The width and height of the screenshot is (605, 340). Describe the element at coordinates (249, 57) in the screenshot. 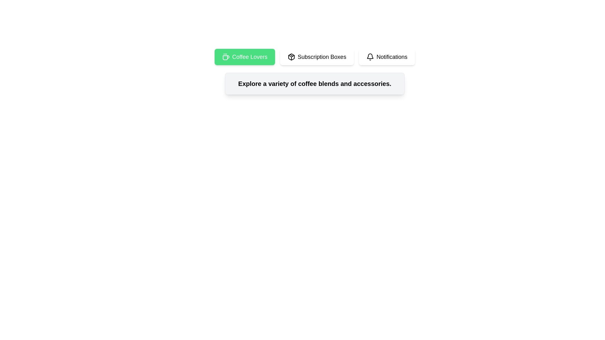

I see `the 'Coffee Lovers' text label within the green button` at that location.